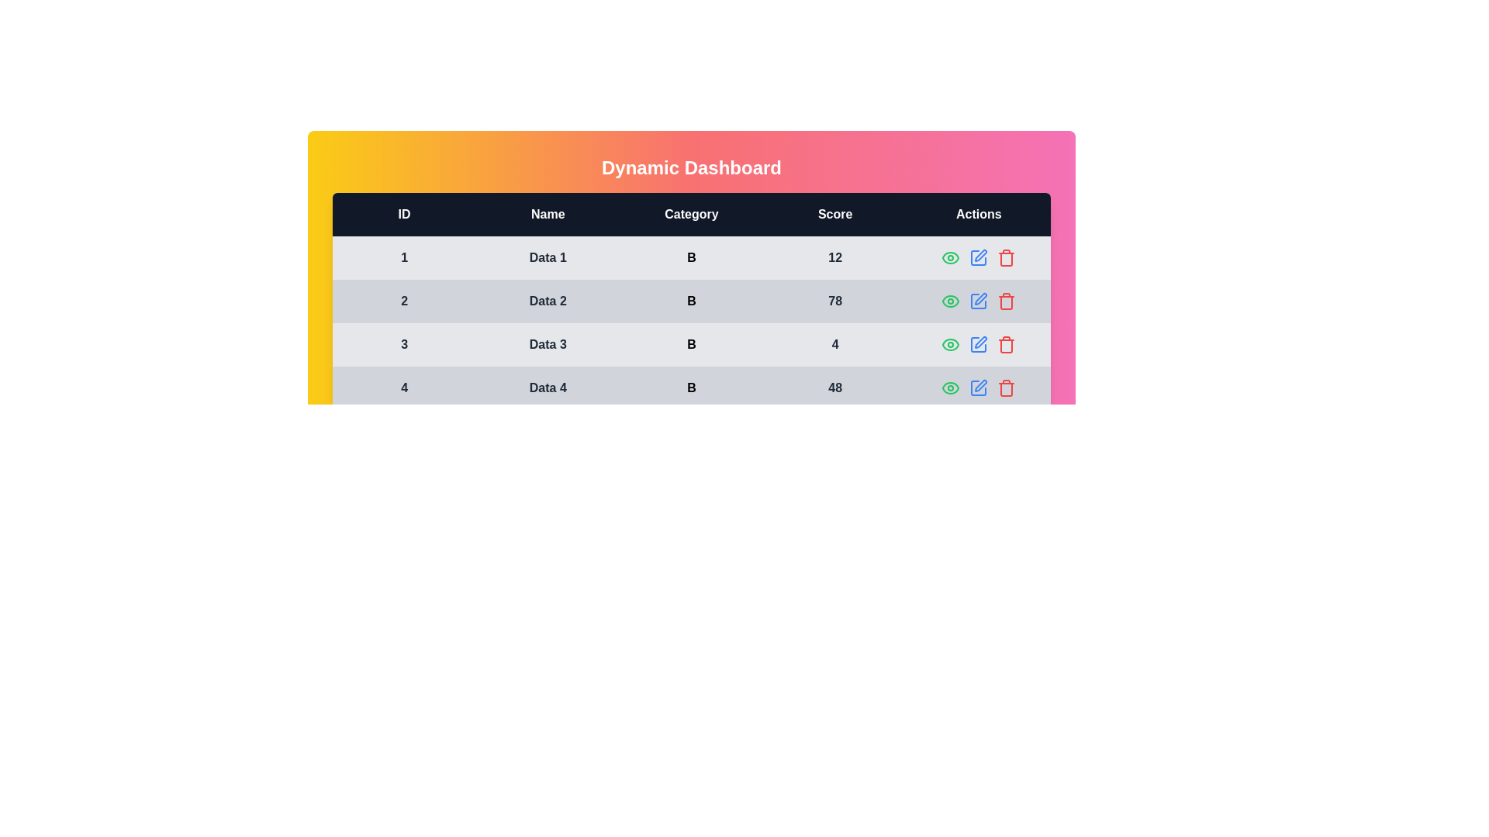 The image size is (1489, 837). I want to click on the row corresponding to 4, so click(1006, 387).